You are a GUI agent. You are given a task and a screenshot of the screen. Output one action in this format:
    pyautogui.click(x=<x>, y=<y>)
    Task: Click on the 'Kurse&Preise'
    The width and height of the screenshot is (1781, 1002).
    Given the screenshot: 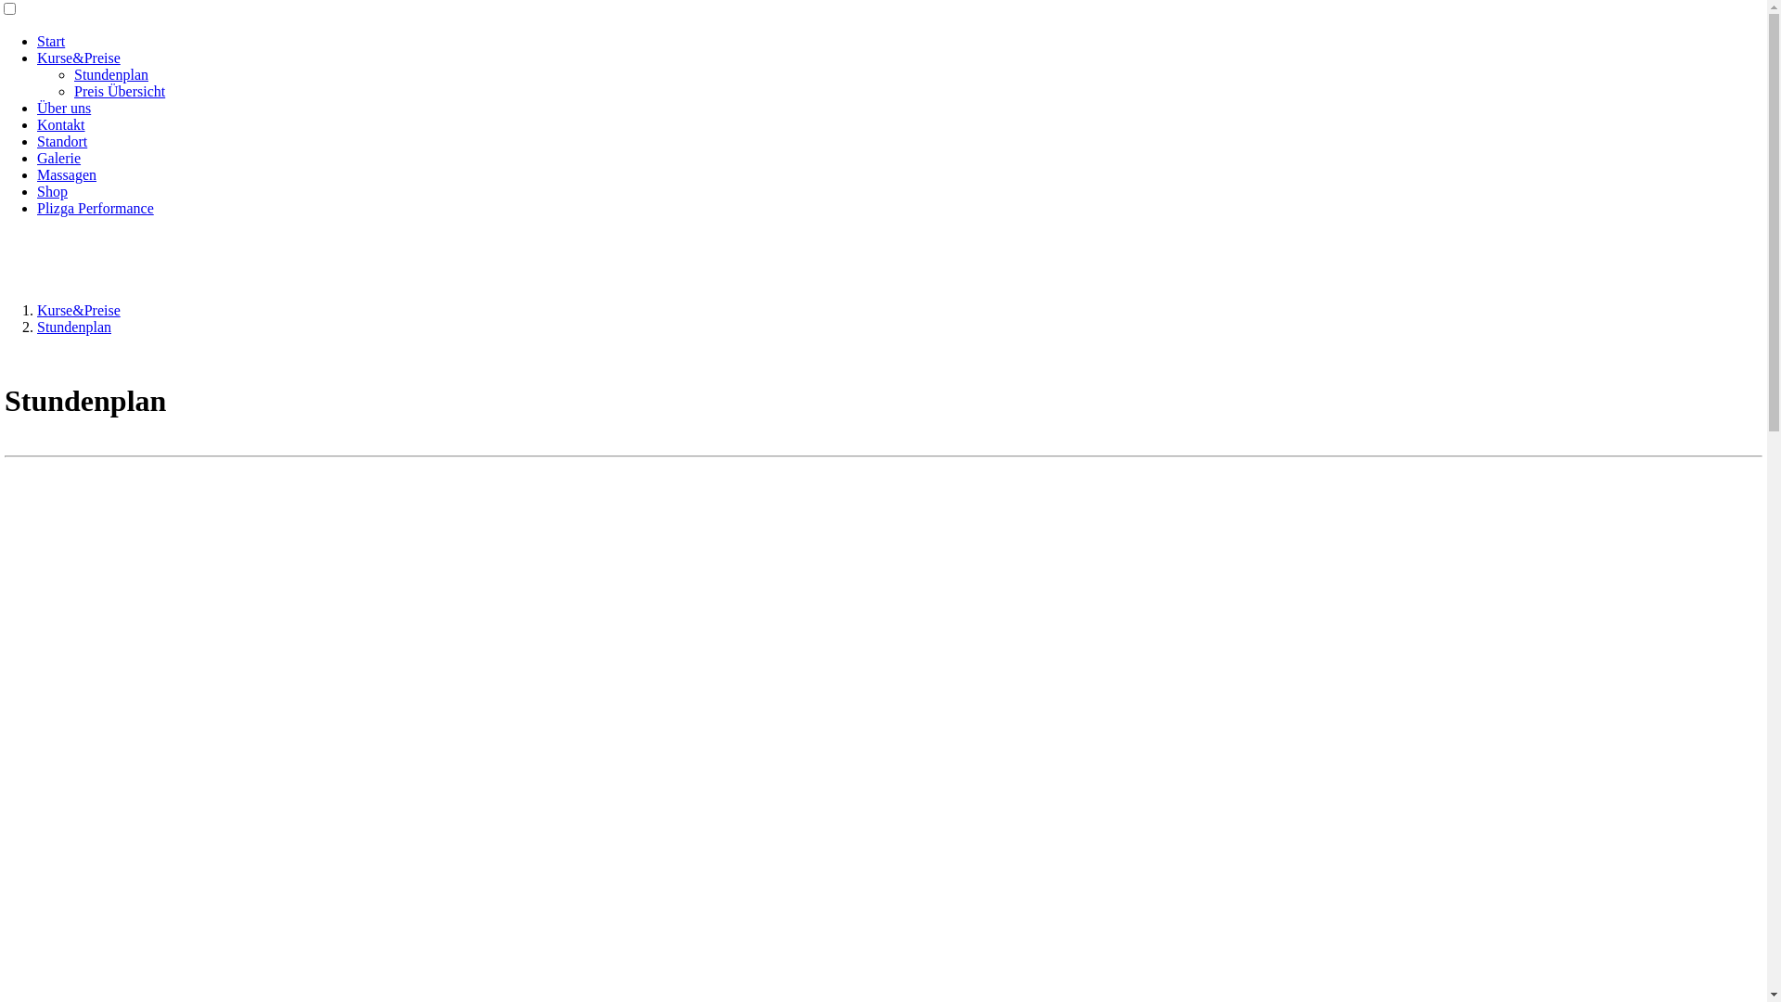 What is the action you would take?
    pyautogui.click(x=78, y=57)
    